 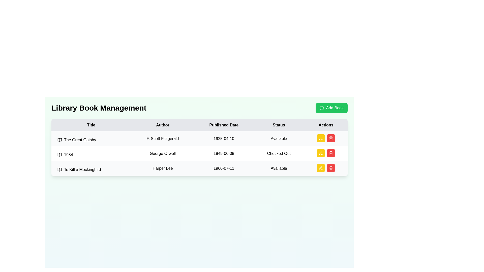 I want to click on the trash can button with a red background located in the 'Actions' column of the third row in the table, so click(x=331, y=138).